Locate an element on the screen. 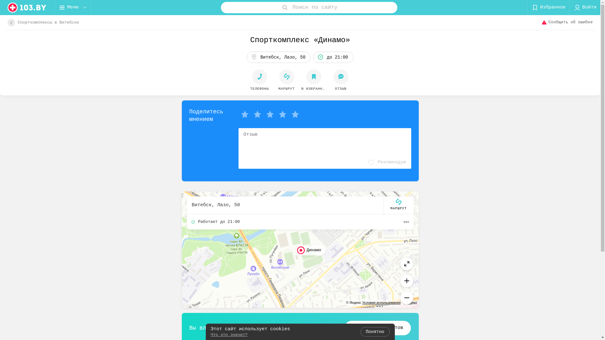  'logo' is located at coordinates (27, 7).